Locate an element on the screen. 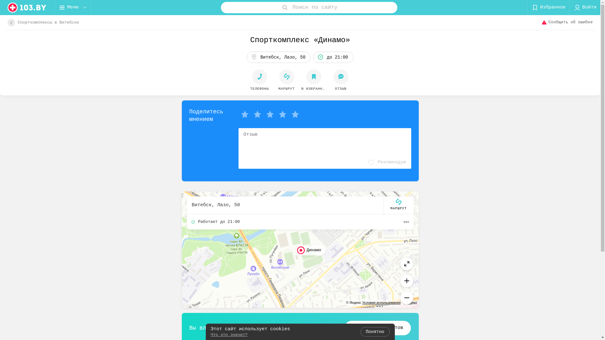  'logo' is located at coordinates (27, 7).